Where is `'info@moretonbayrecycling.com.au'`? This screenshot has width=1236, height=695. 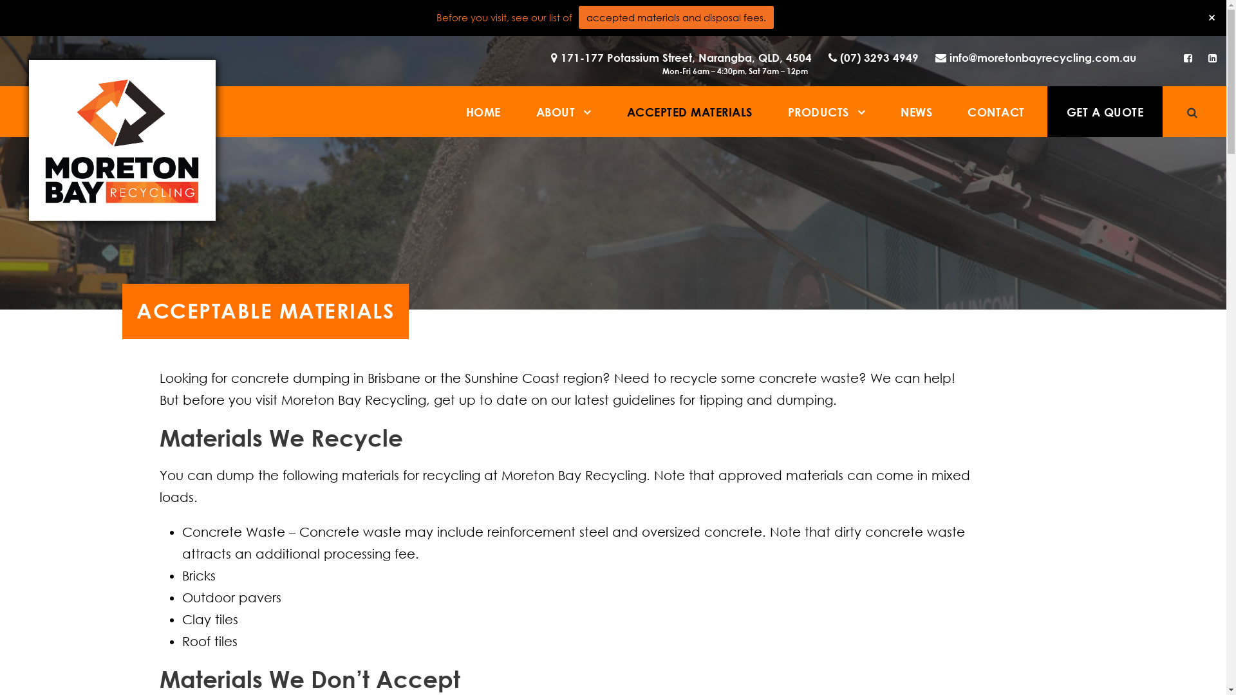
'info@moretonbayrecycling.com.au' is located at coordinates (1032, 64).